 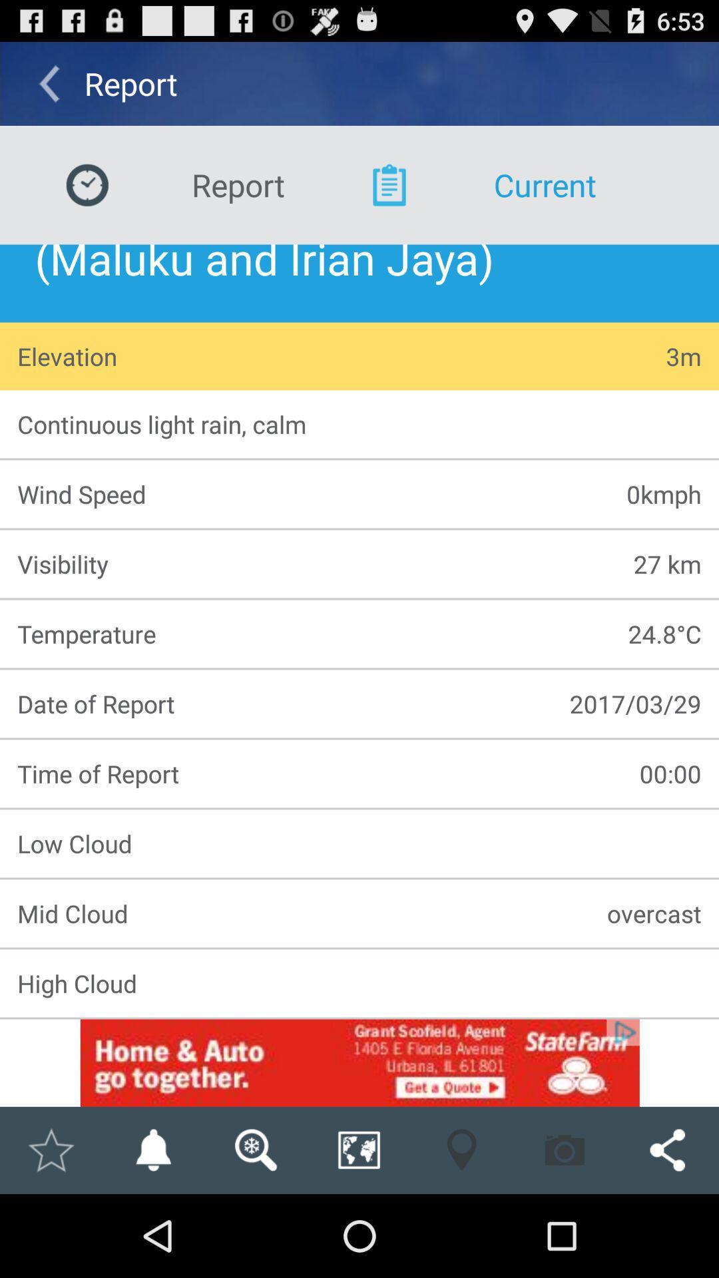 What do you see at coordinates (565, 1150) in the screenshot?
I see `camera page` at bounding box center [565, 1150].